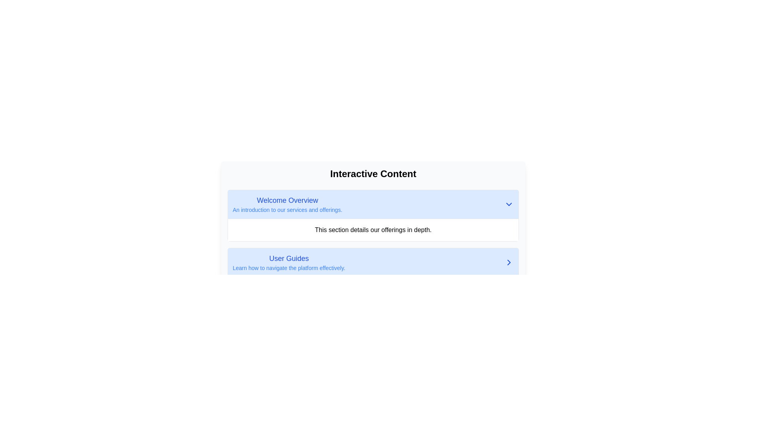 The width and height of the screenshot is (760, 427). Describe the element at coordinates (509, 204) in the screenshot. I see `the chevron icon in the top-right corner of the 'Welcome Overview' card` at that location.